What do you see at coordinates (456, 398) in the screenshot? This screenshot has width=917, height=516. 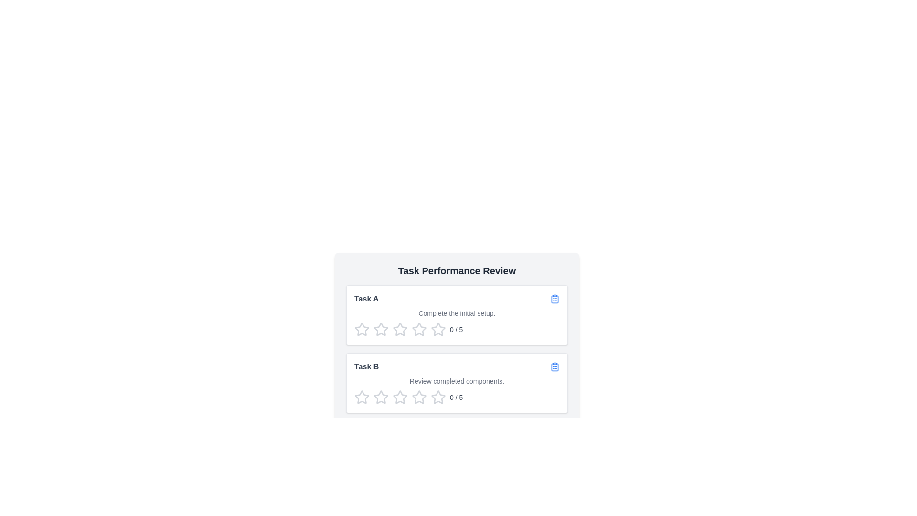 I see `the text label displaying '0 / 5' which is located in the bottom section of the 'Task Performance Review' panel, adjacent to the star icons for rating` at bounding box center [456, 398].